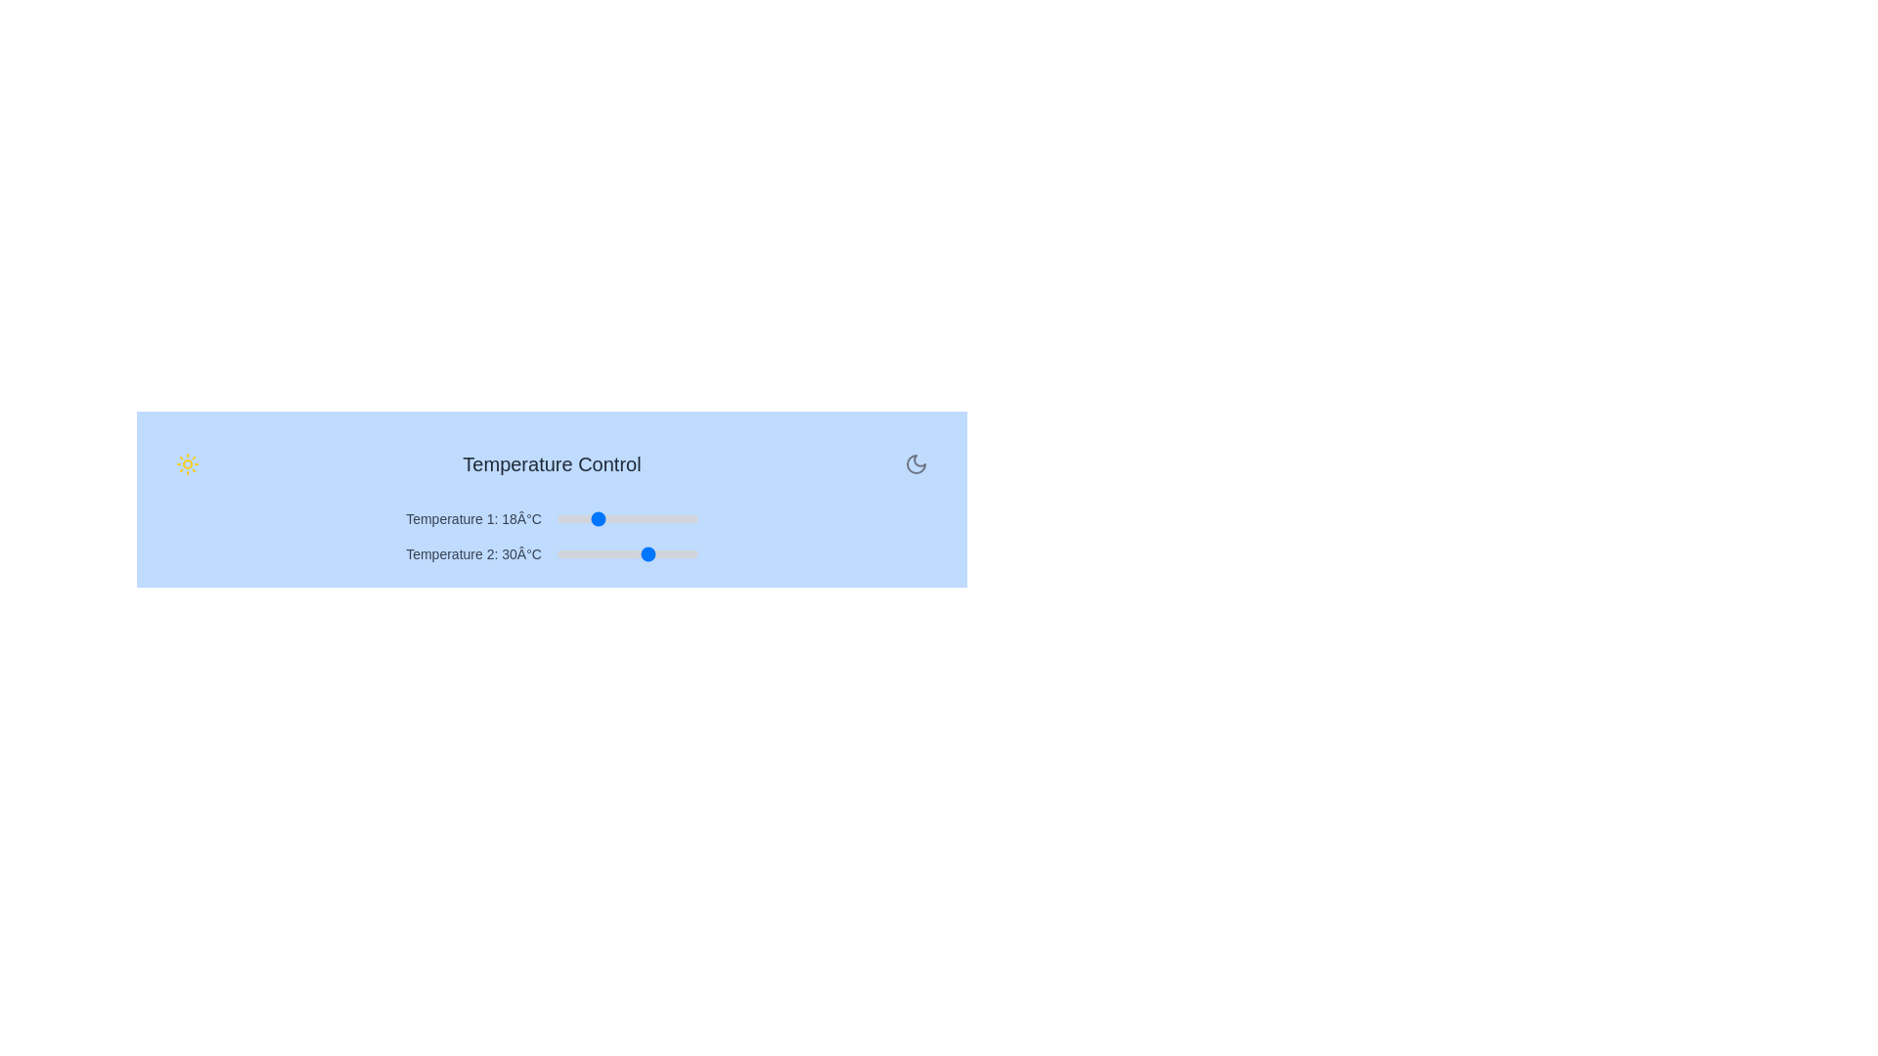  I want to click on the temperature, so click(607, 518).